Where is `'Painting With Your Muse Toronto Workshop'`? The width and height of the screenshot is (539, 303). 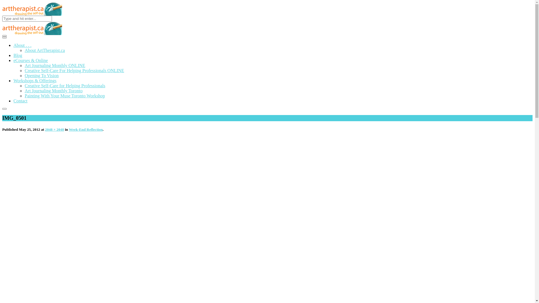 'Painting With Your Muse Toronto Workshop' is located at coordinates (24, 95).